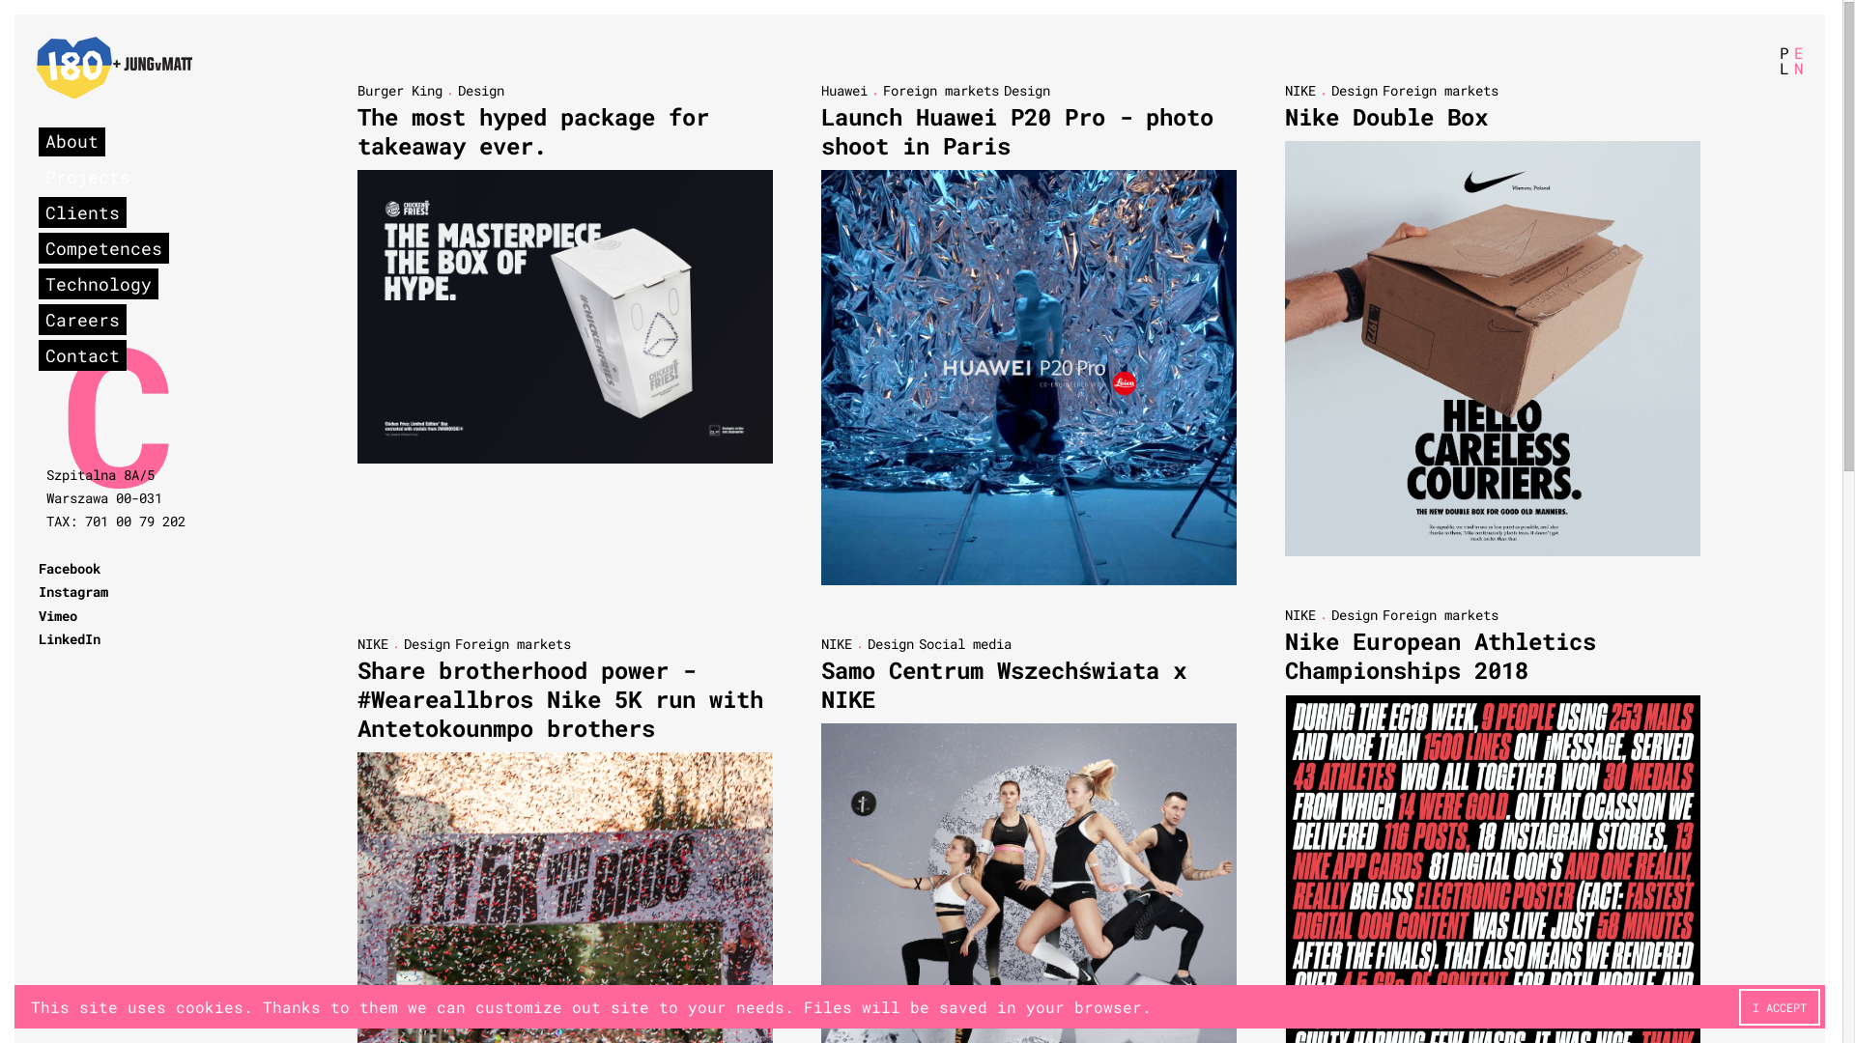  What do you see at coordinates (1441, 657) in the screenshot?
I see `'Nike European Athletics Championships 2018'` at bounding box center [1441, 657].